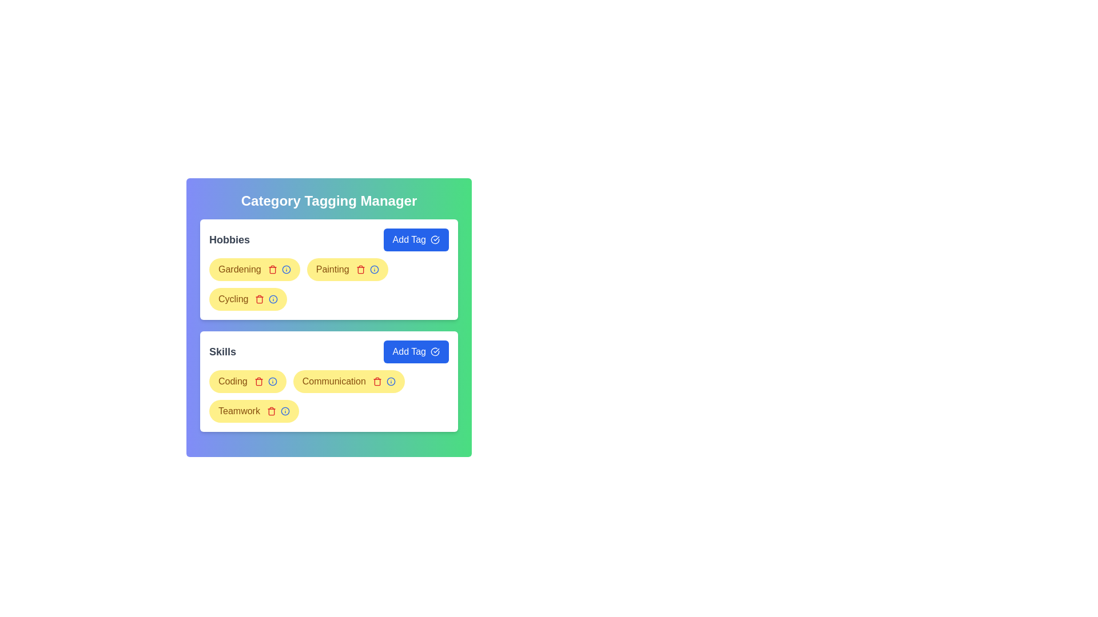  What do you see at coordinates (377, 381) in the screenshot?
I see `the red trash icon button, which is the second interactive icon within the 'Communication' tag in the 'Skills' section of the 'Category Tagging Manager' interface` at bounding box center [377, 381].